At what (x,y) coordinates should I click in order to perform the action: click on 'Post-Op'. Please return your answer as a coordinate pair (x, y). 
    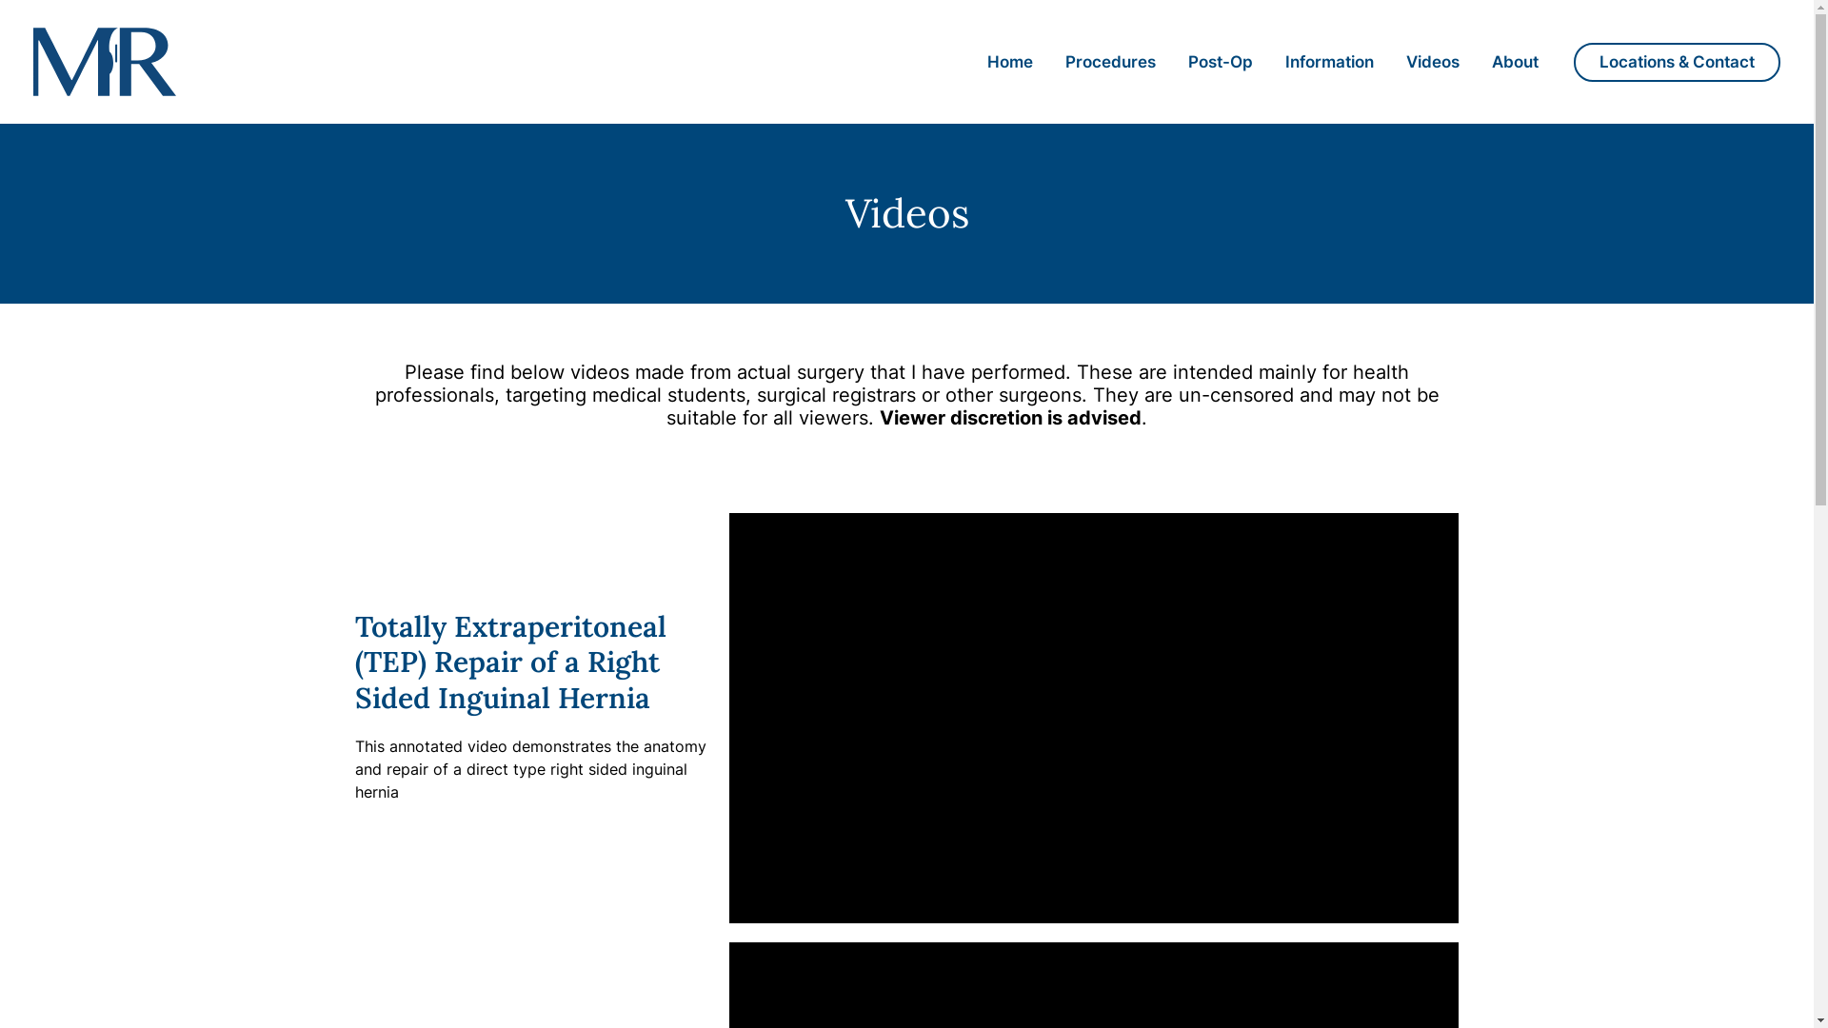
    Looking at the image, I should click on (1220, 61).